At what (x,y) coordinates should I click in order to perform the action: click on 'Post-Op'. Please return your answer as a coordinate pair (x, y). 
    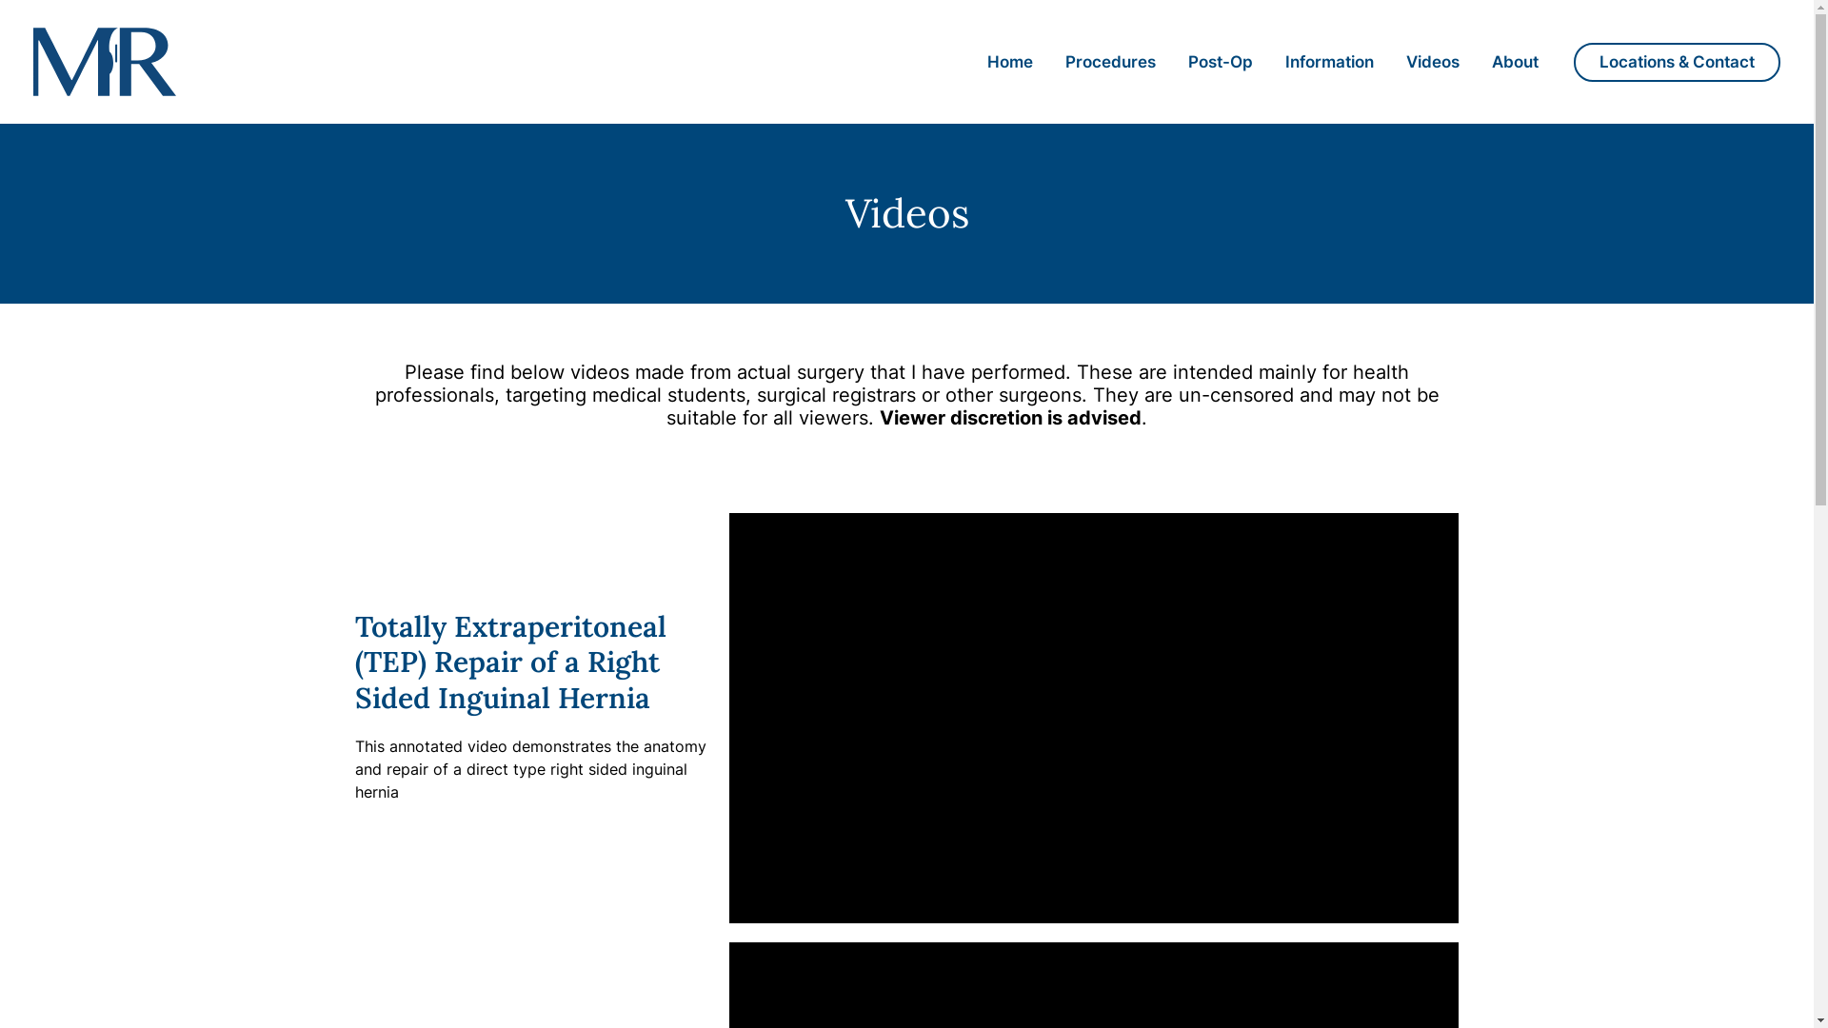
    Looking at the image, I should click on (1220, 61).